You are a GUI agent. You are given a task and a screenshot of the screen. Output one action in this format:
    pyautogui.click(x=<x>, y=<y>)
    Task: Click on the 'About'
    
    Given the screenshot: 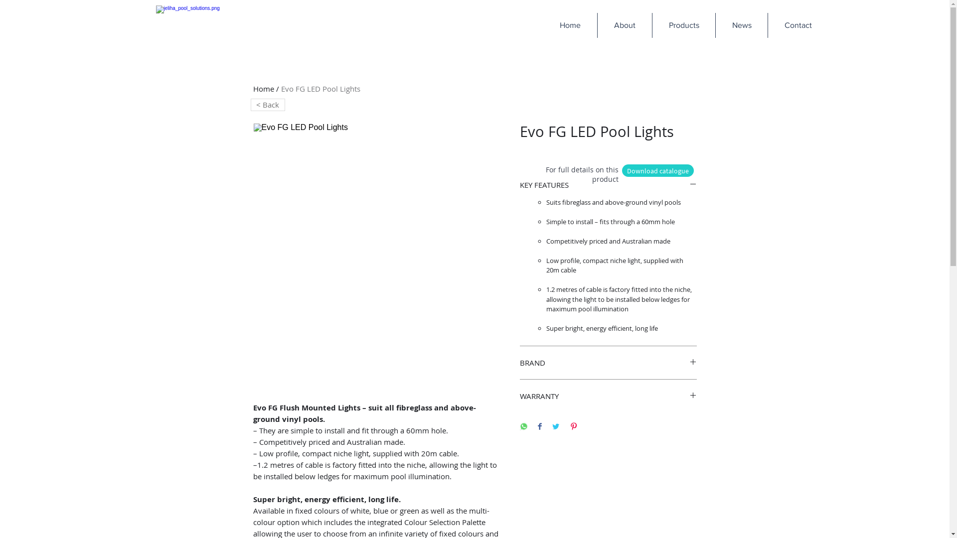 What is the action you would take?
    pyautogui.click(x=624, y=24)
    